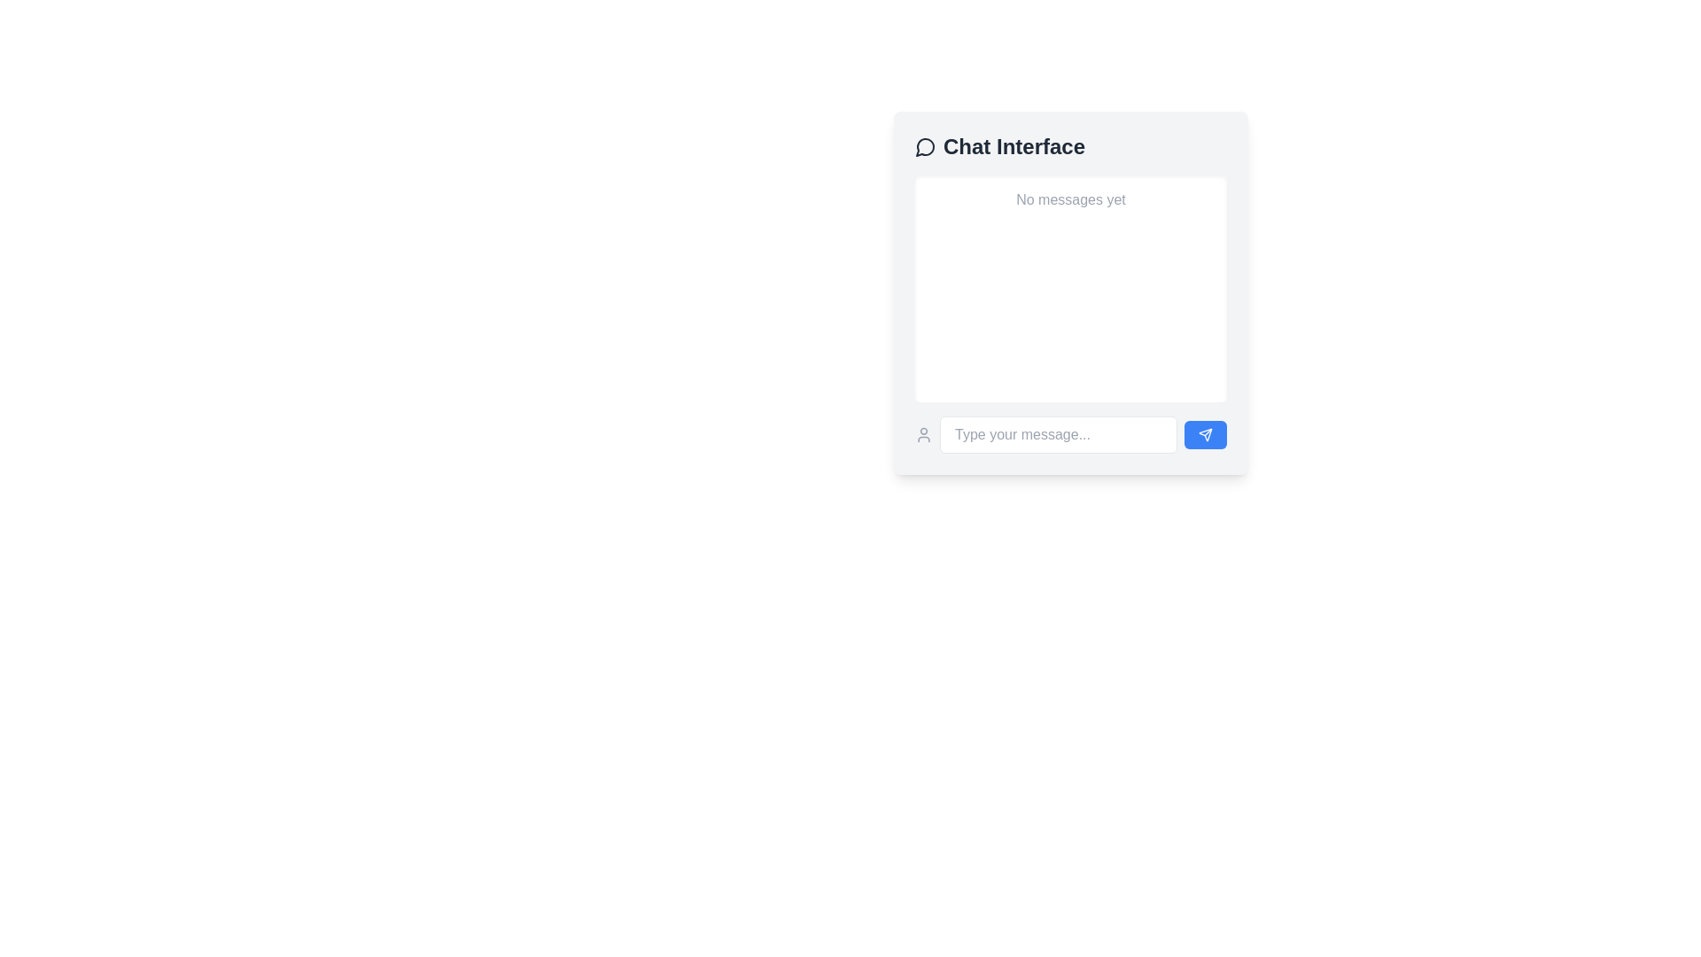 Image resolution: width=1701 pixels, height=957 pixels. I want to click on the 'Send' icon resembling a paper plane located within the chat input area, positioned to the right of the text input field, so click(1205, 434).